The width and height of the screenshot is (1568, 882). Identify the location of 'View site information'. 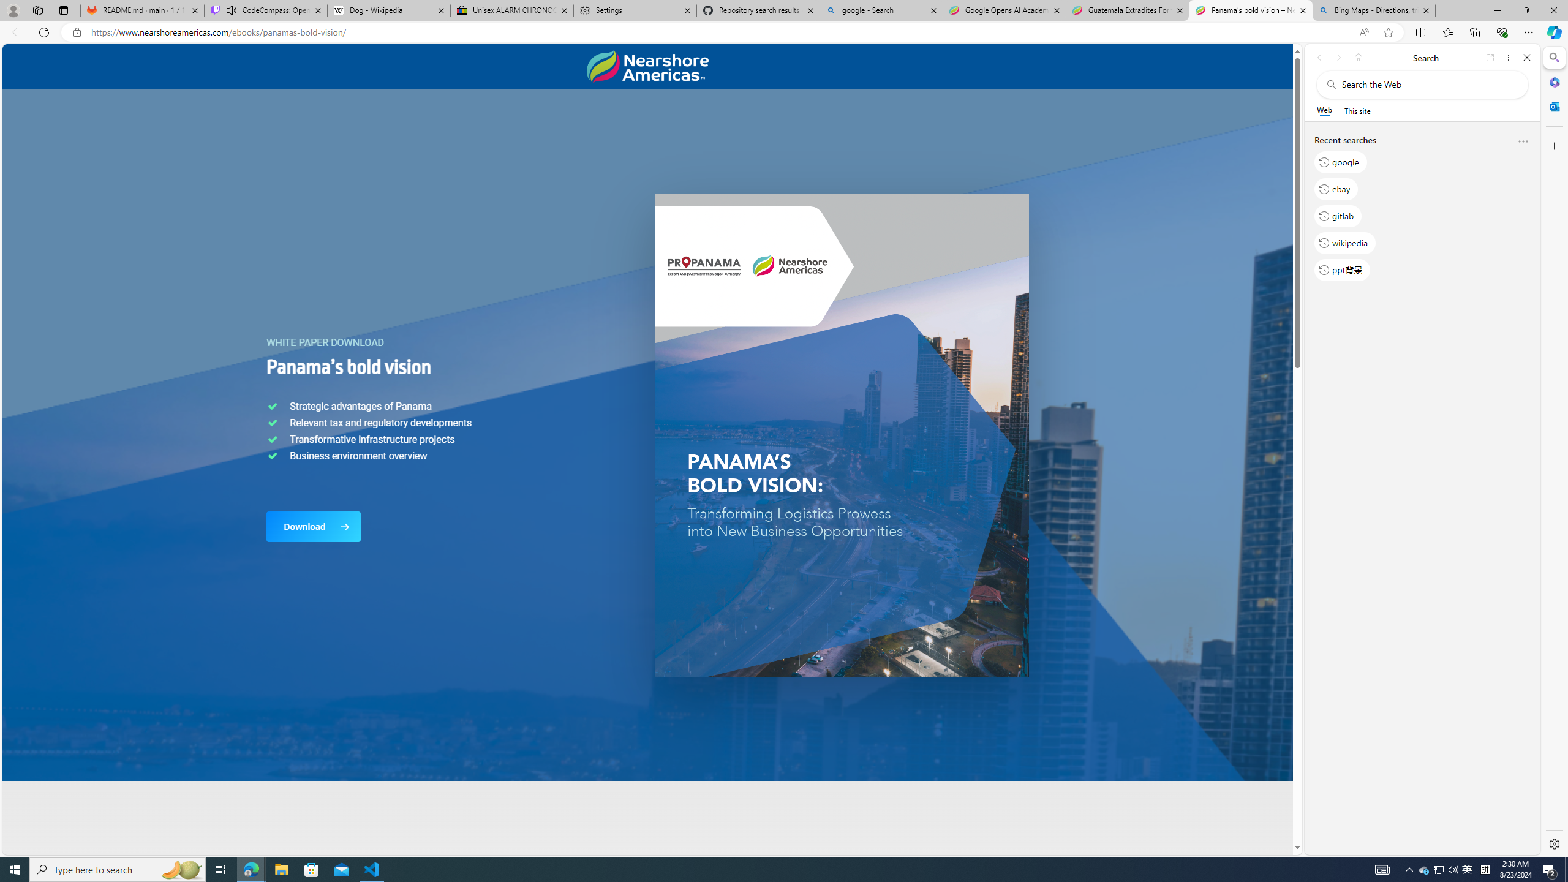
(77, 32).